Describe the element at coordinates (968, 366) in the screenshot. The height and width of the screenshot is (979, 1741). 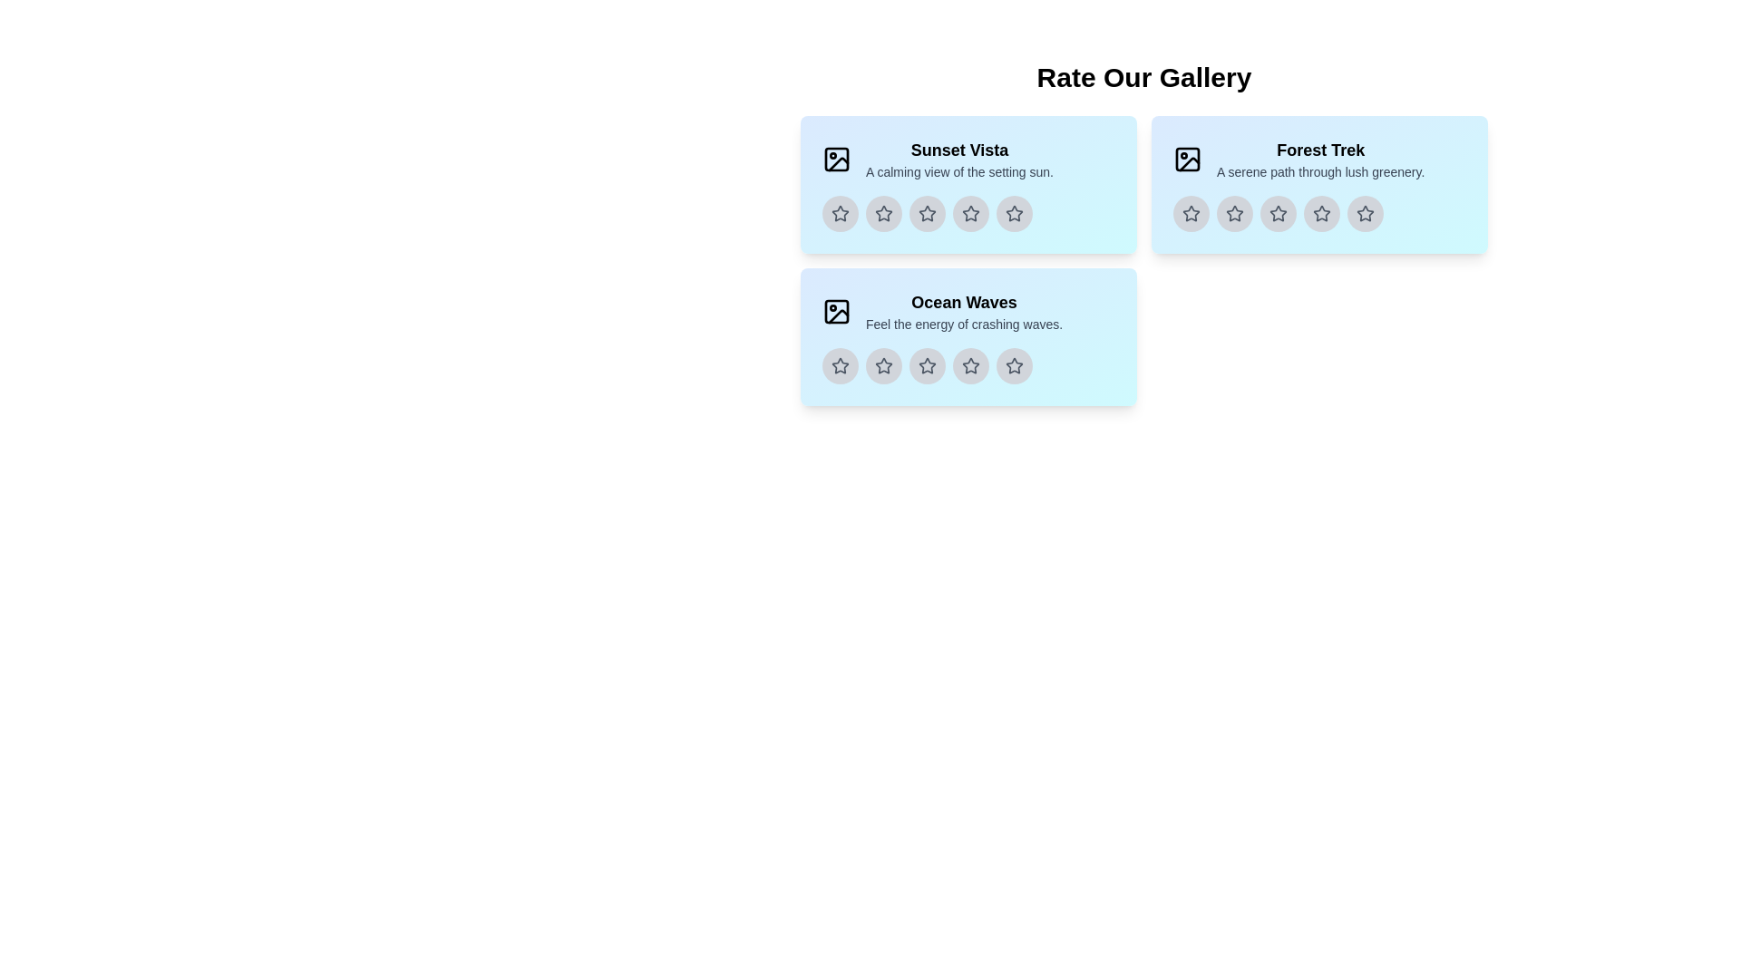
I see `the third star in the horizontal row of five stars for rating user content, located within the card labeled 'Ocean Waves'` at that location.